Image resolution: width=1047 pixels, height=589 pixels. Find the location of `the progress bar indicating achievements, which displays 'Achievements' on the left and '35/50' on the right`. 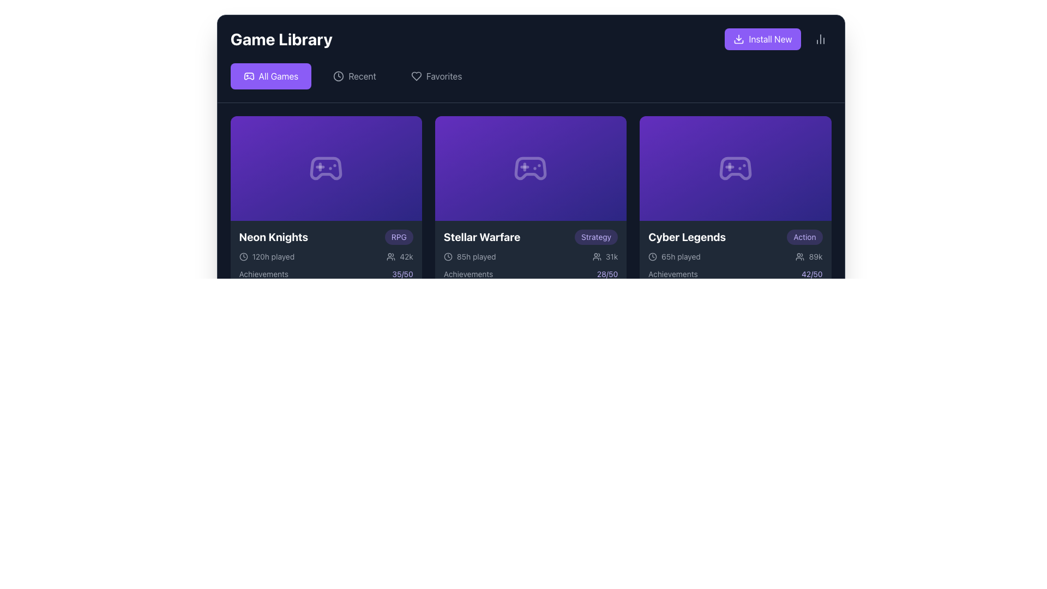

the progress bar indicating achievements, which displays 'Achievements' on the left and '35/50' on the right is located at coordinates (326, 278).